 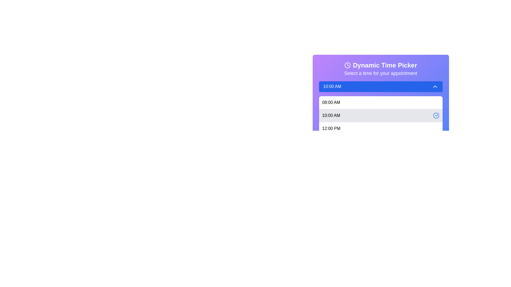 What do you see at coordinates (347, 65) in the screenshot?
I see `the clock icon located in the header section of the 'Dynamic Time Picker' interface, positioned to the left of the text 'Dynamic Time Picker'` at bounding box center [347, 65].